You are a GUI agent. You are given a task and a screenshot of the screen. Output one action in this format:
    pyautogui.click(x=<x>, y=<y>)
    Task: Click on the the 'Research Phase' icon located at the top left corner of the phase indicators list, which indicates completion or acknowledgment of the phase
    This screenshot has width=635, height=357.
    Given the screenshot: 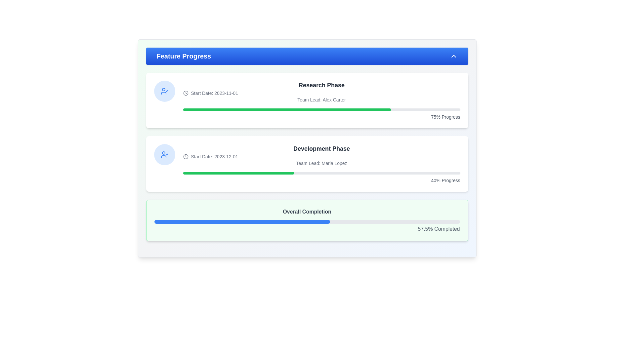 What is the action you would take?
    pyautogui.click(x=164, y=154)
    